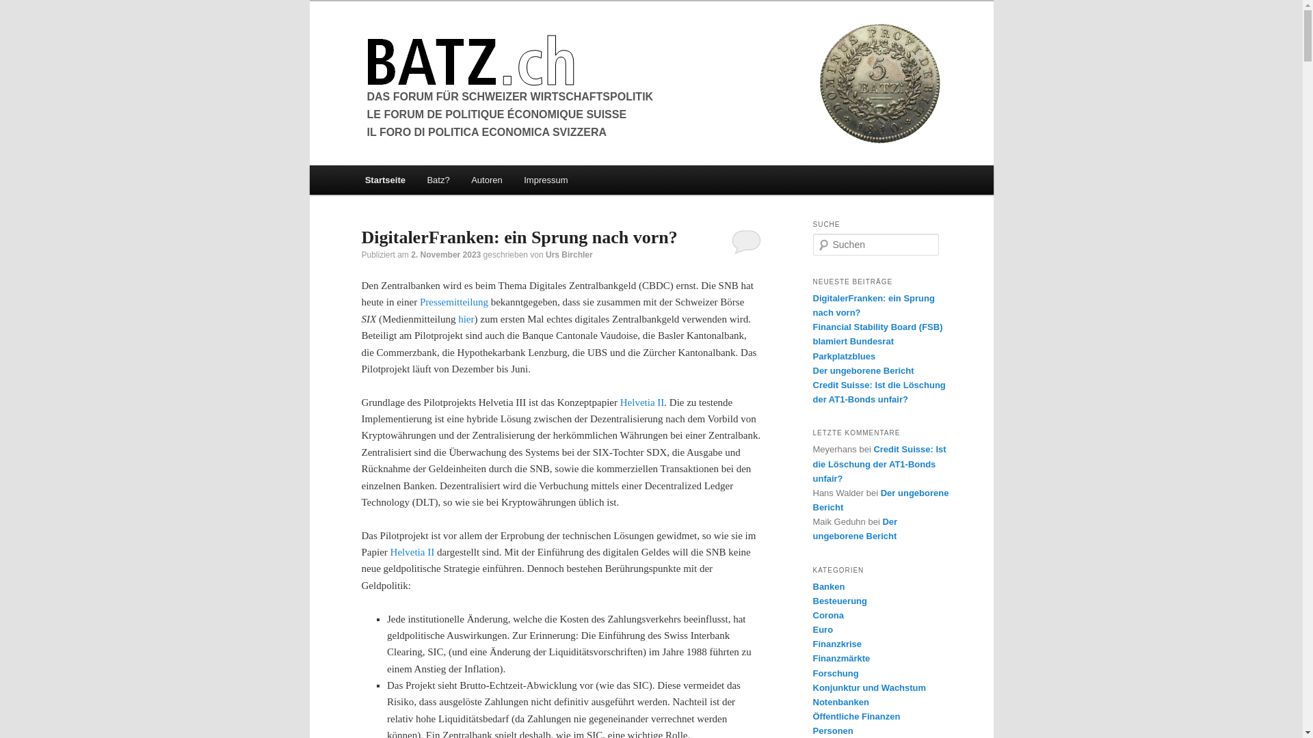 This screenshot has width=1313, height=738. What do you see at coordinates (822, 629) in the screenshot?
I see `'Euro'` at bounding box center [822, 629].